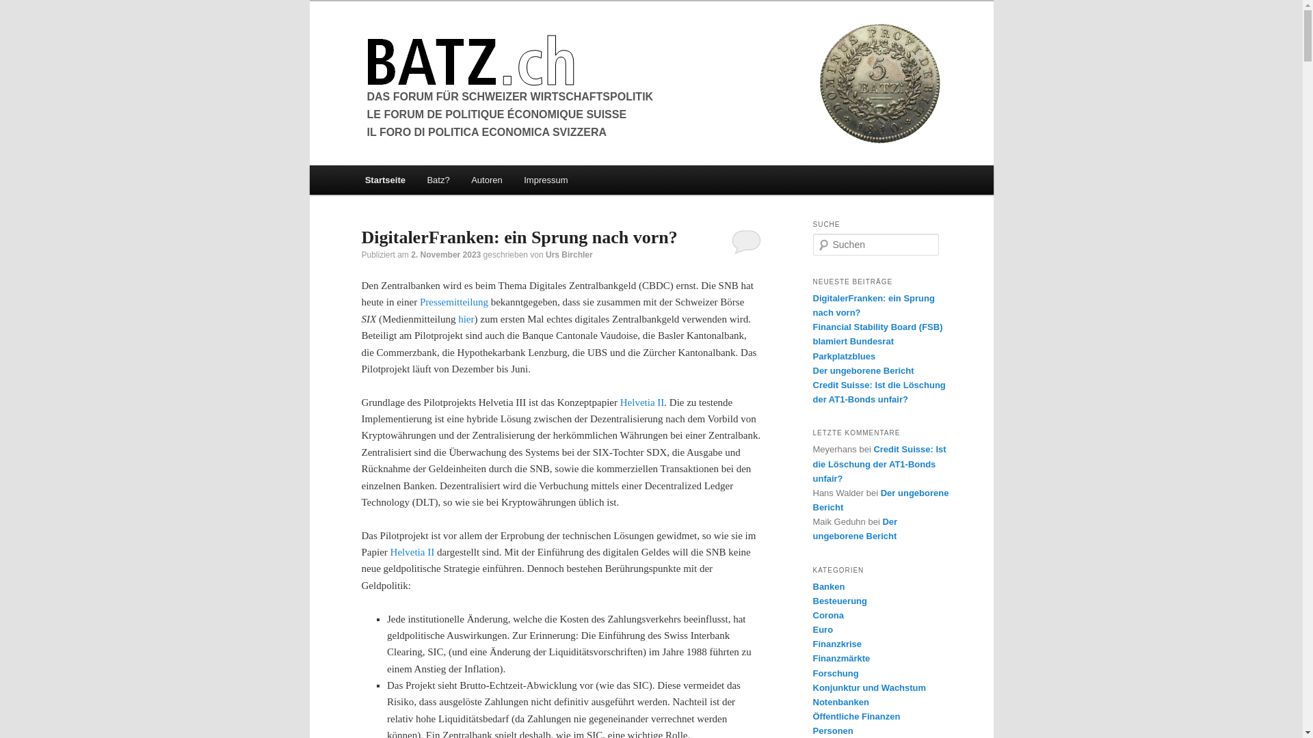 This screenshot has width=1313, height=738. What do you see at coordinates (822, 629) in the screenshot?
I see `'Euro'` at bounding box center [822, 629].